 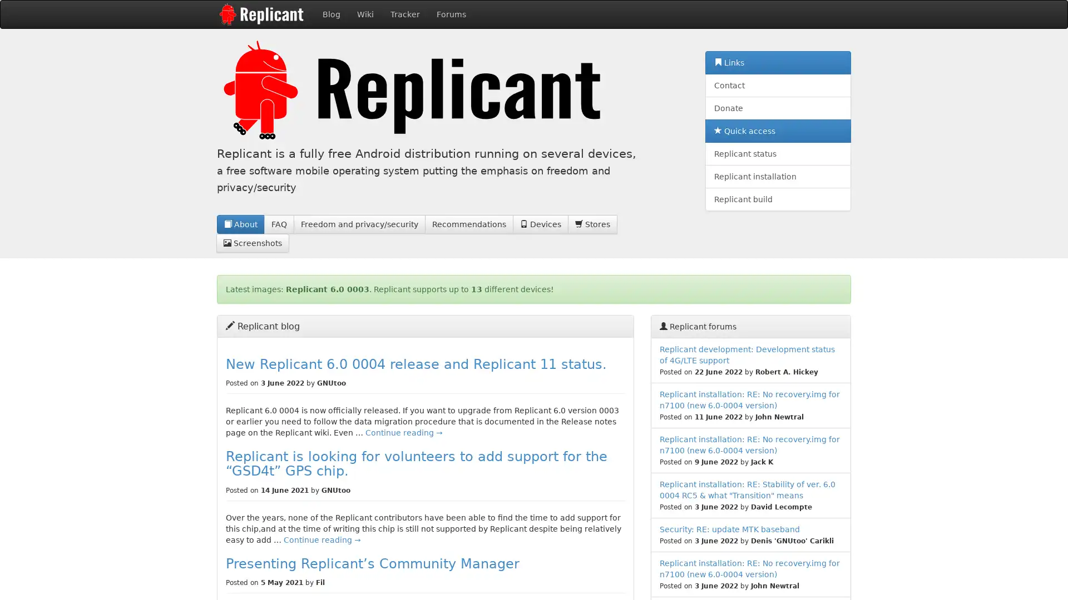 What do you see at coordinates (240, 224) in the screenshot?
I see `About` at bounding box center [240, 224].